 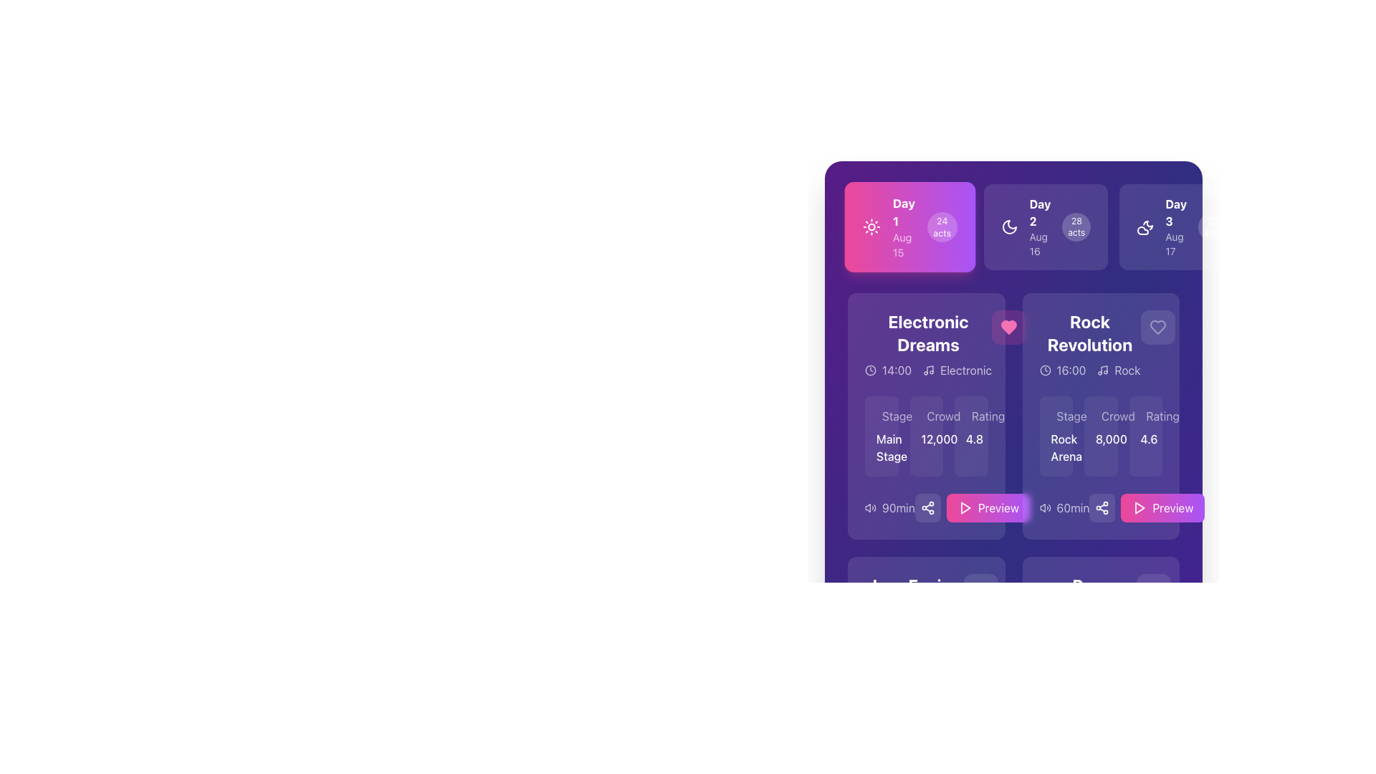 What do you see at coordinates (942, 226) in the screenshot?
I see `the Label displaying '24 acts' in the top-right section of the 'Day 1' card` at bounding box center [942, 226].